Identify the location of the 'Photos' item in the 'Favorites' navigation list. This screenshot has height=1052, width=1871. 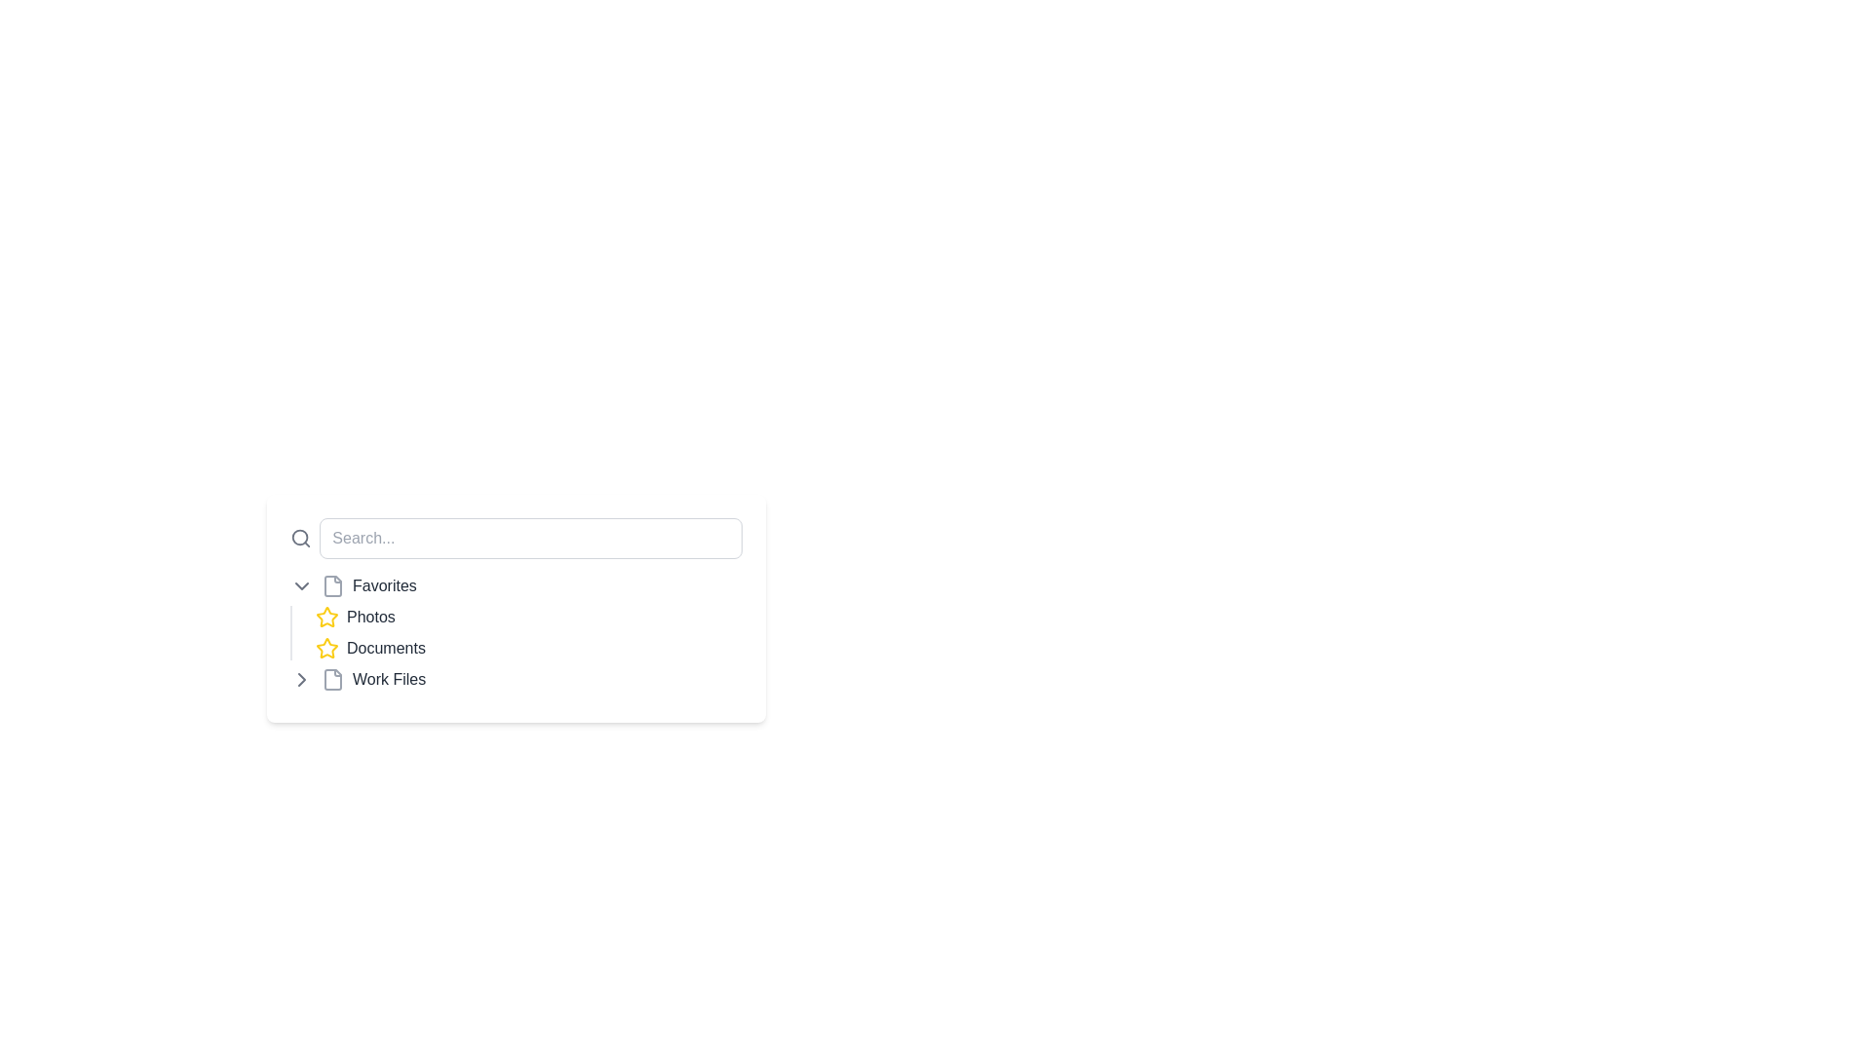
(515, 633).